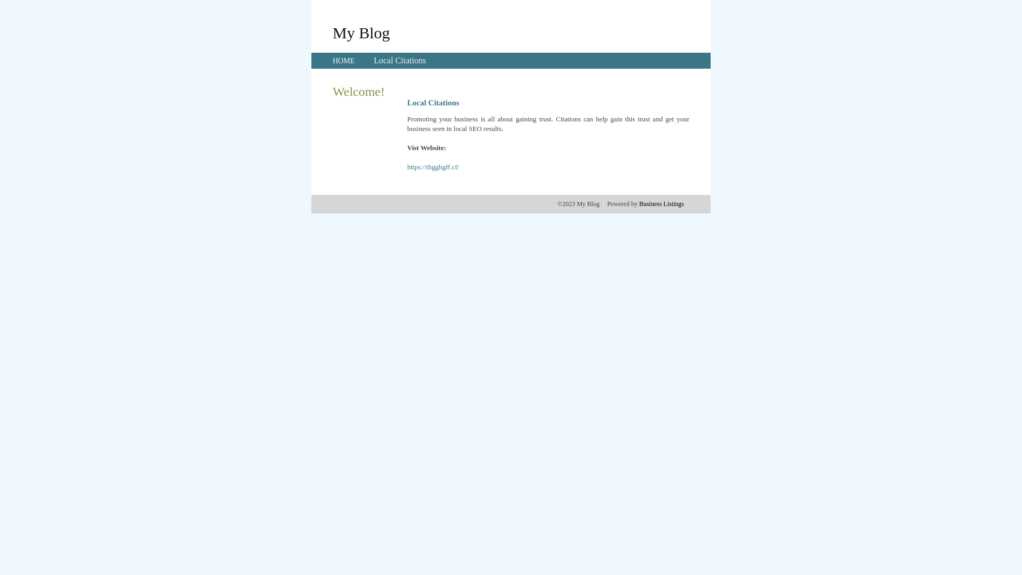 Image resolution: width=1022 pixels, height=575 pixels. Describe the element at coordinates (399, 60) in the screenshot. I see `'Local Citations'` at that location.